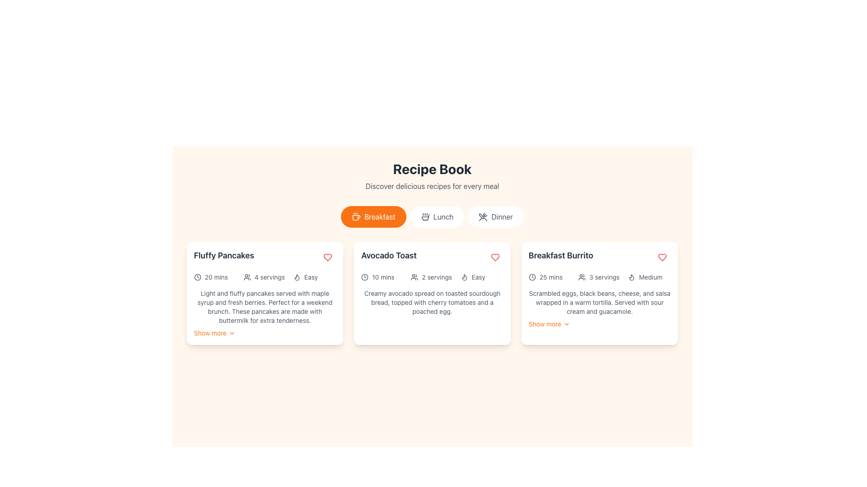  Describe the element at coordinates (502, 217) in the screenshot. I see `the 'Dinner' text label within the category button` at that location.